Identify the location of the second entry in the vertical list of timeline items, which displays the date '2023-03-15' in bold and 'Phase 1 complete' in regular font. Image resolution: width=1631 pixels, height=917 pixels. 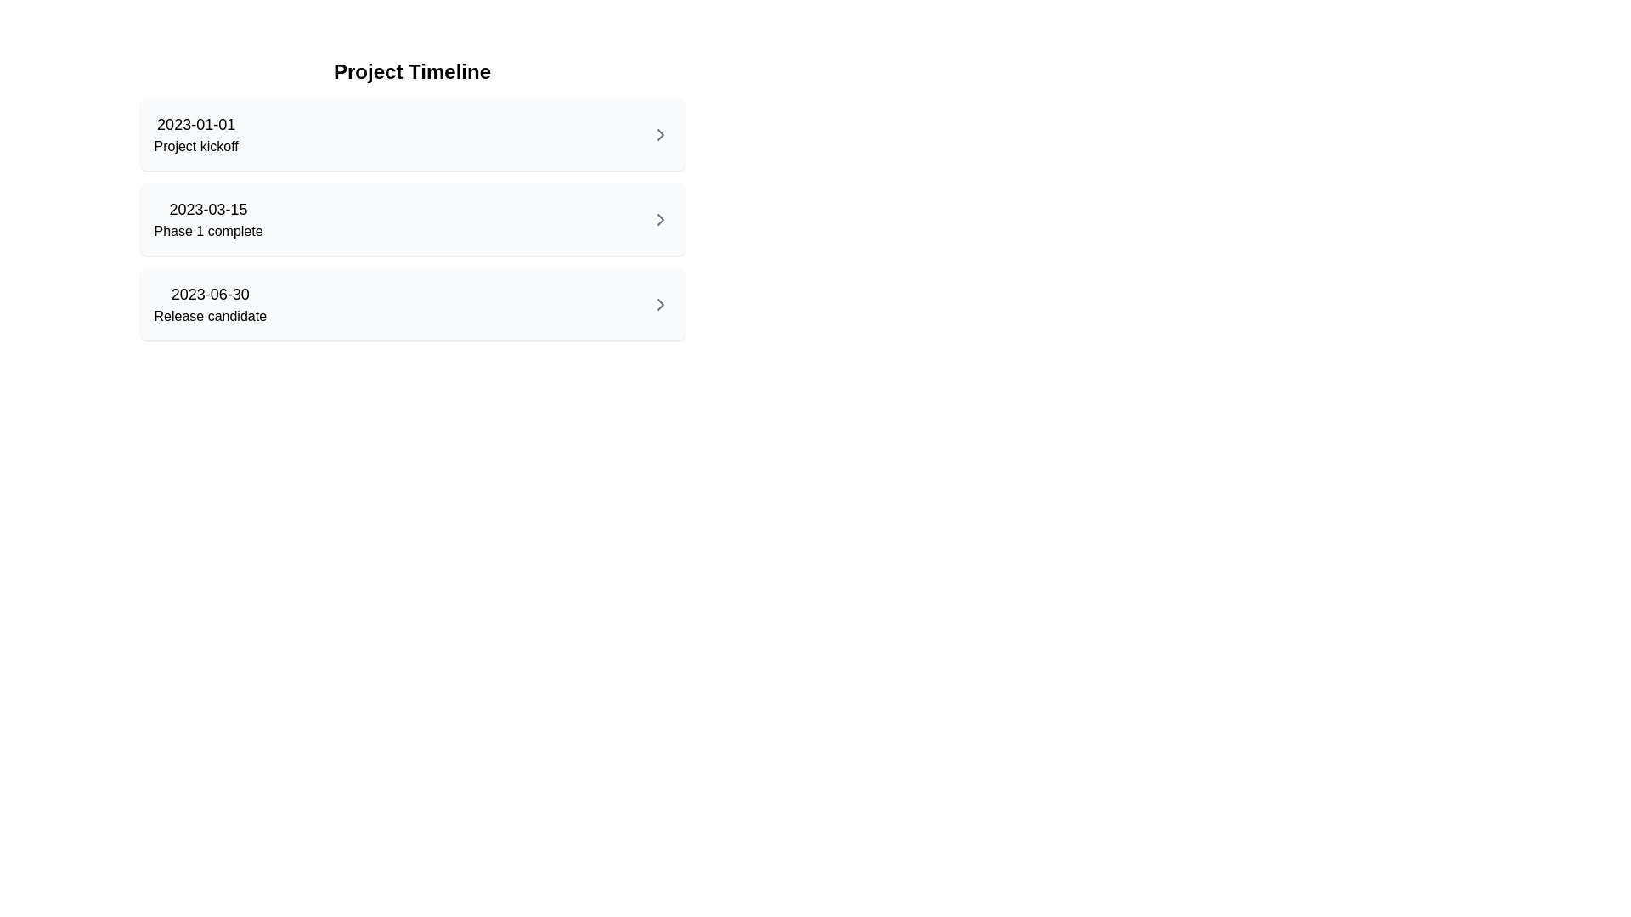
(207, 218).